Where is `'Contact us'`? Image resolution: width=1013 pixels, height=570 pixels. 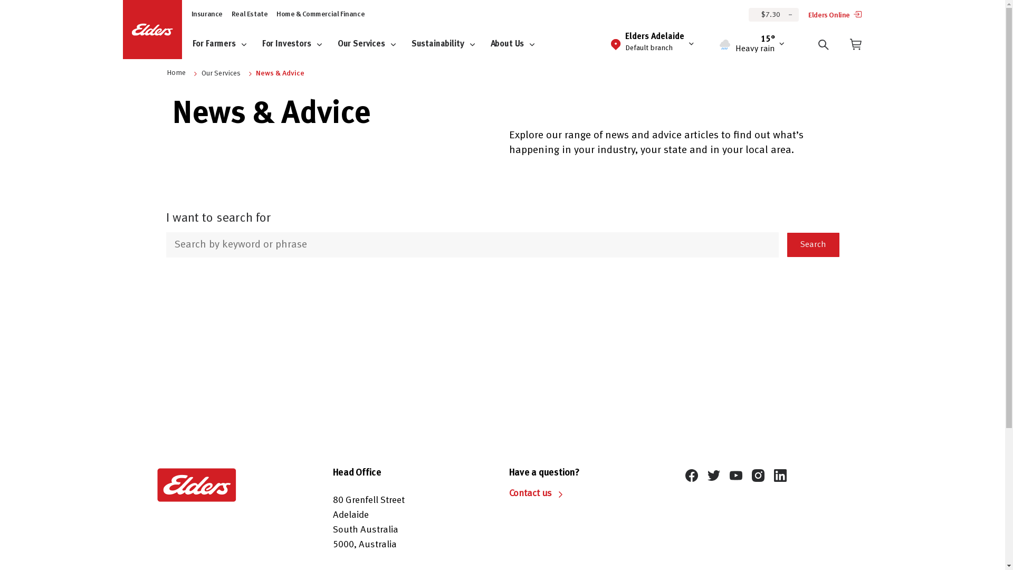
'Contact us' is located at coordinates (495, 495).